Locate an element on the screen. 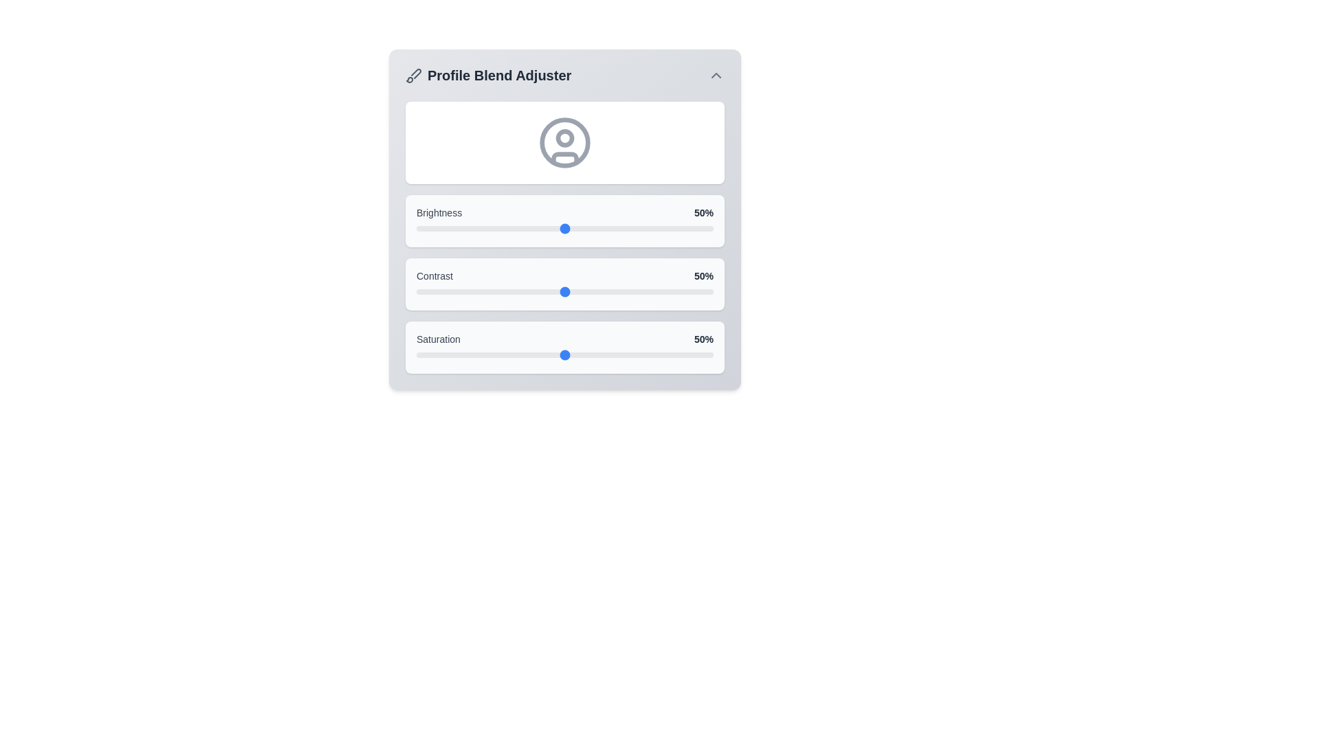  contrast is located at coordinates (681, 291).